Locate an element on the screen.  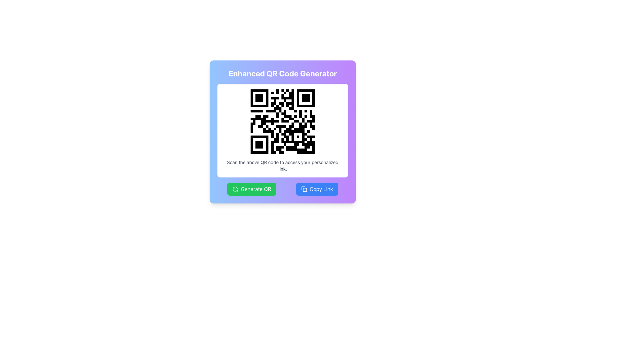
the copy icon located in the 'Copy Link' button, which is positioned to the right of the 'Generate QR' button and to the left of the text 'Copy Link' is located at coordinates (304, 189).